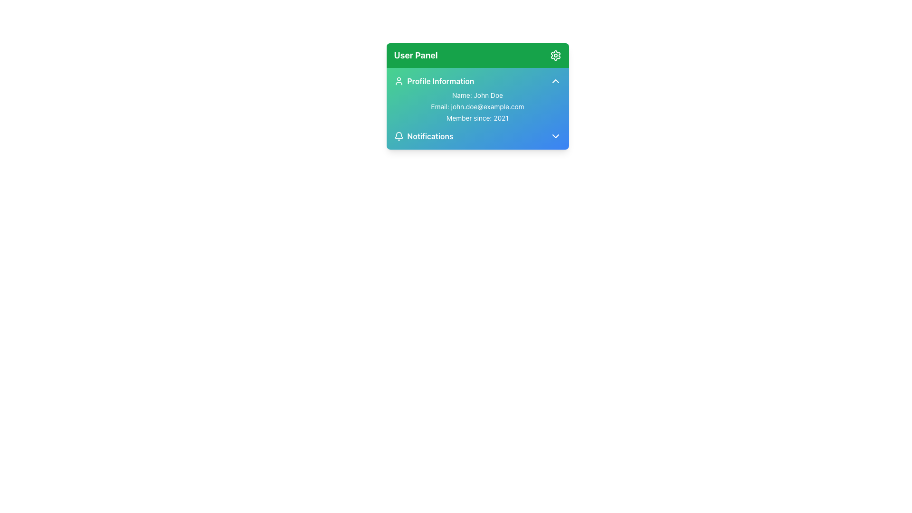  I want to click on the Text Label that describes the section containing user details, located near the top left of the gradient box, so click(440, 80).